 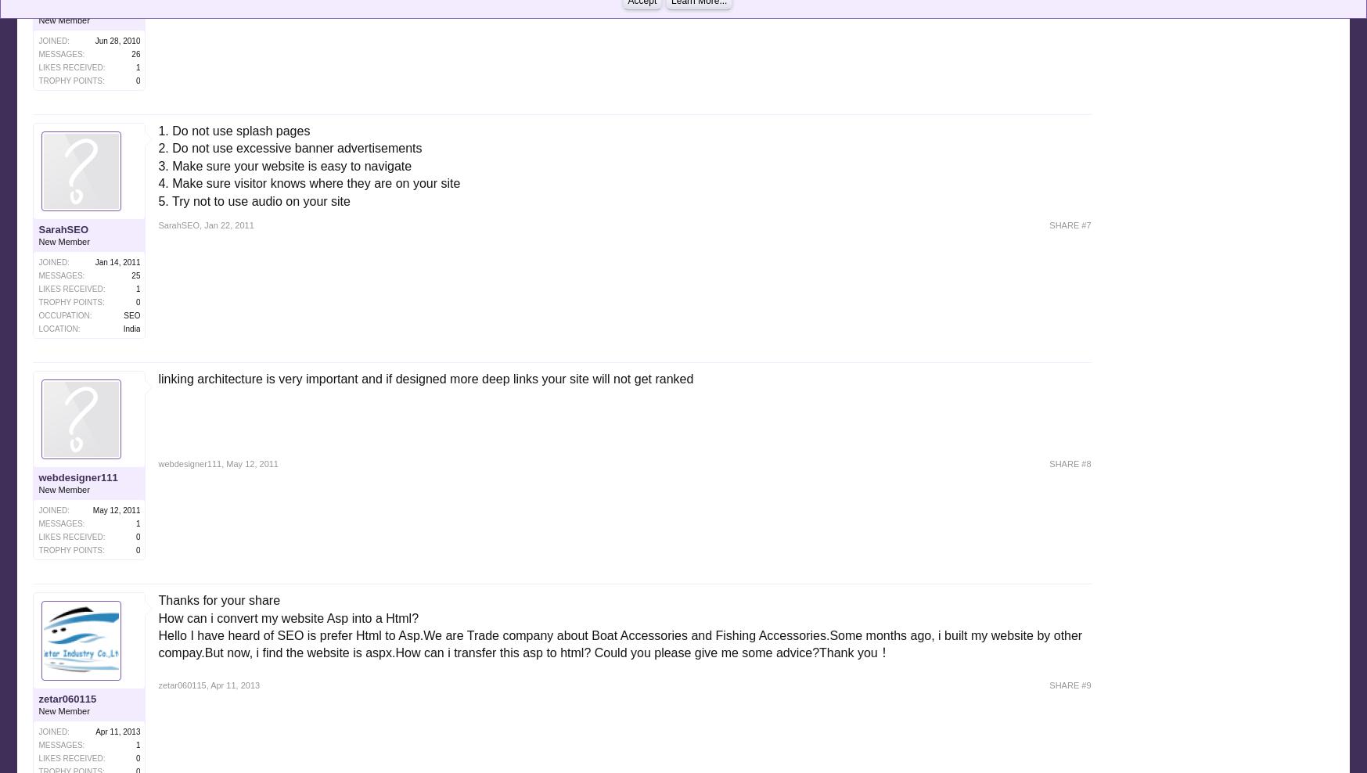 What do you see at coordinates (287, 617) in the screenshot?
I see `'How can i convert my website Asp into a Html?'` at bounding box center [287, 617].